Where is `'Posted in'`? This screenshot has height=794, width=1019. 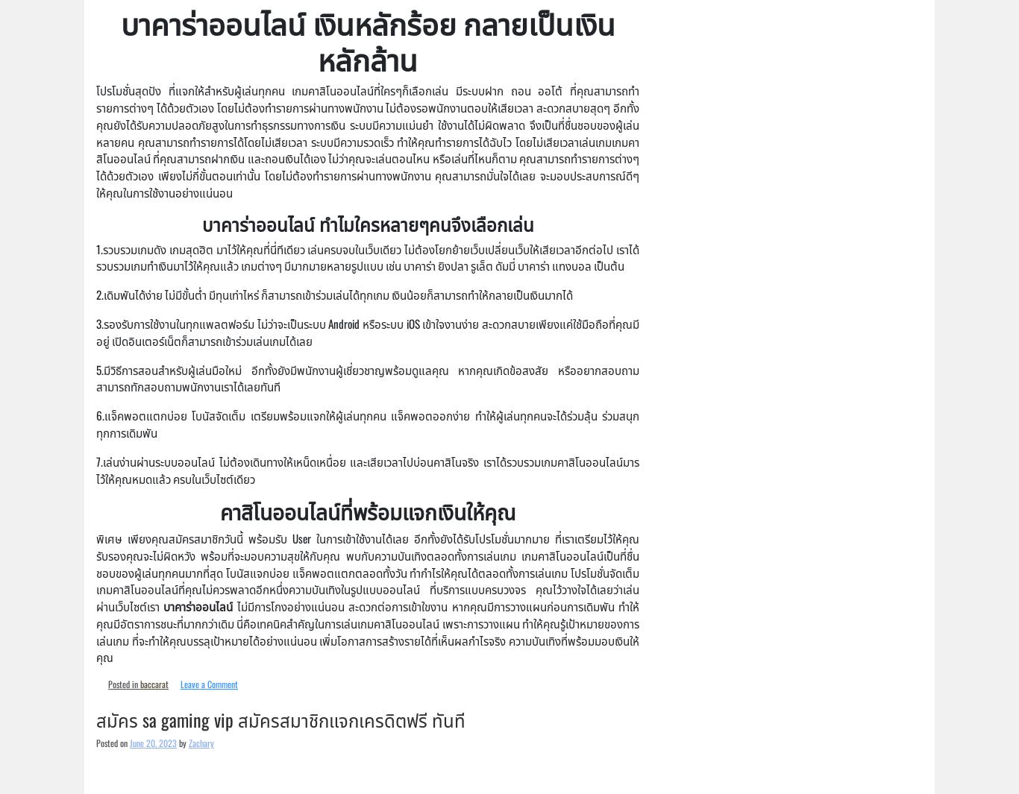 'Posted in' is located at coordinates (123, 684).